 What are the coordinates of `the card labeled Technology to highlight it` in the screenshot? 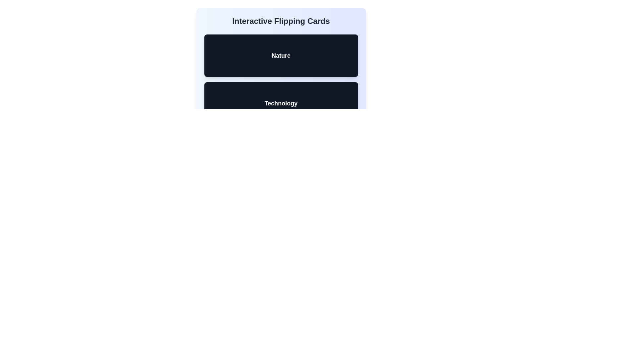 It's located at (281, 103).